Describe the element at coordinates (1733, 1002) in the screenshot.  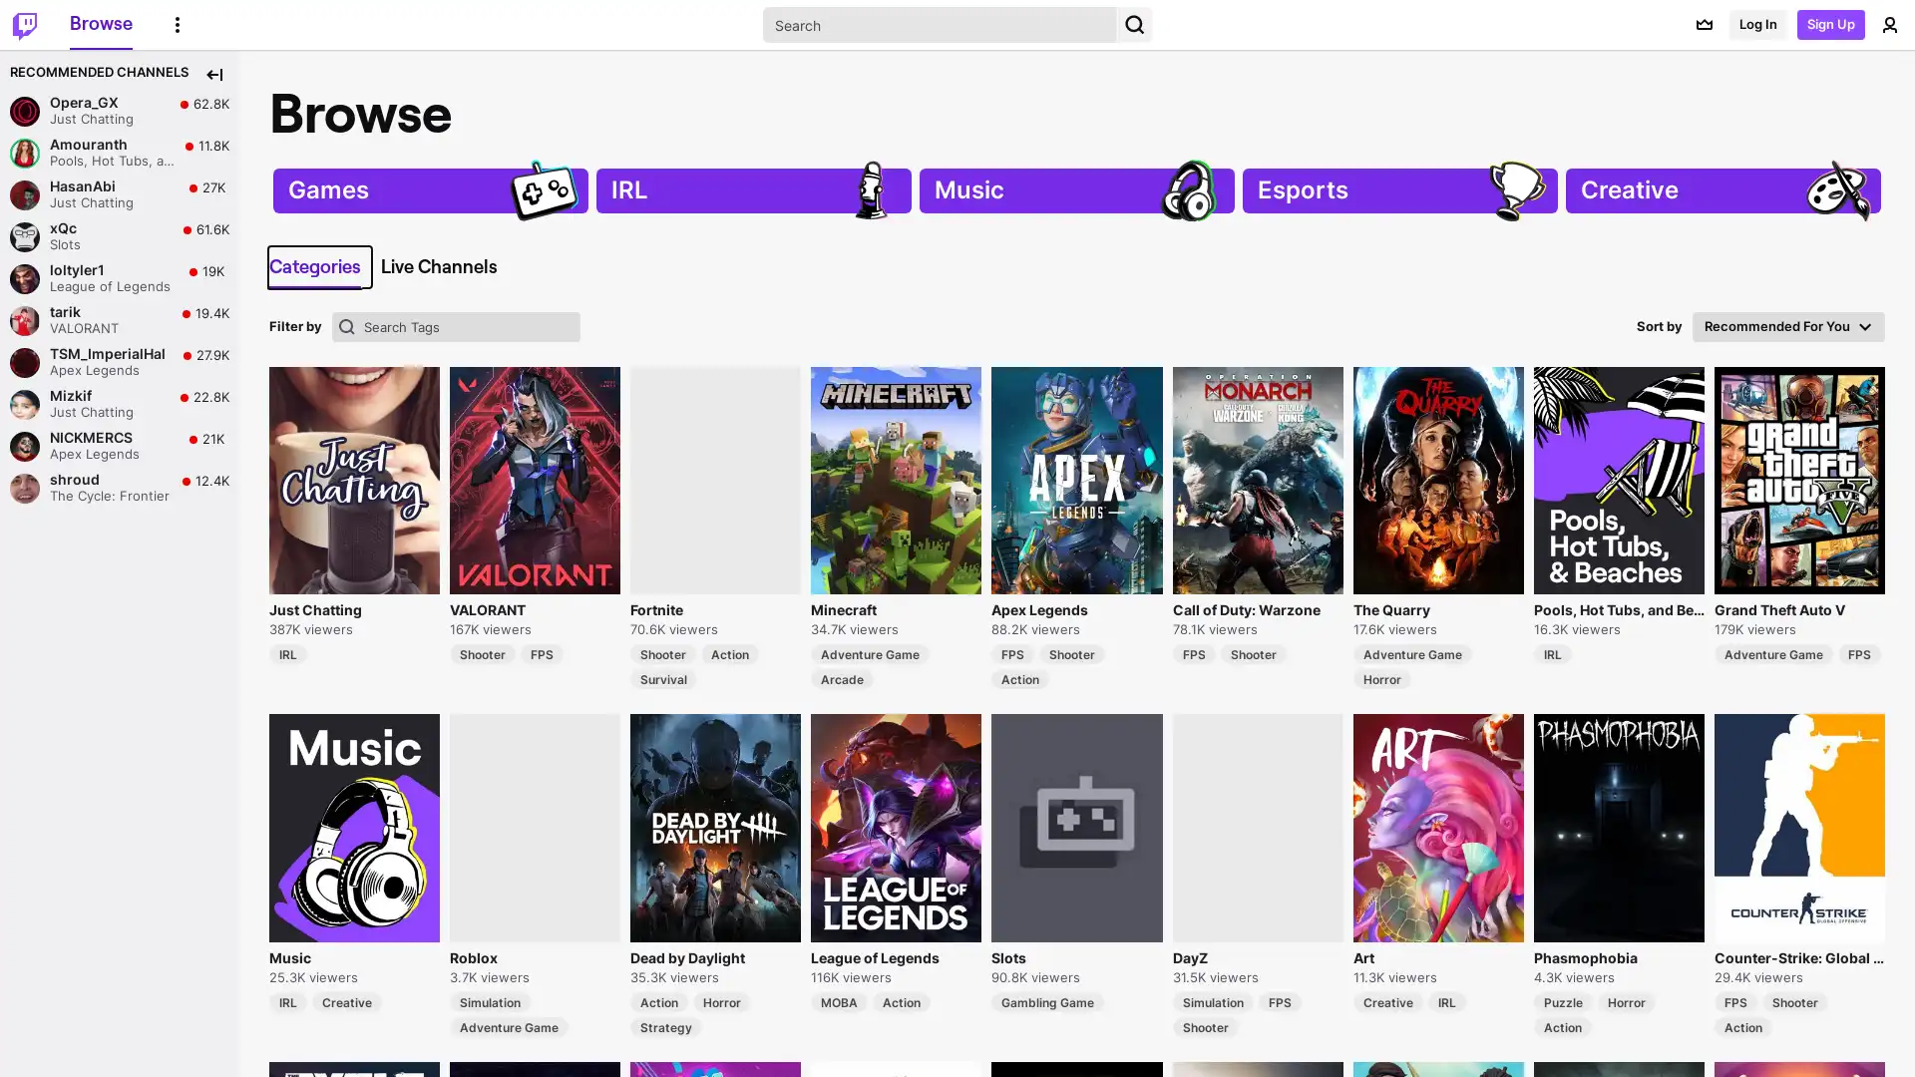
I see `FPS` at that location.